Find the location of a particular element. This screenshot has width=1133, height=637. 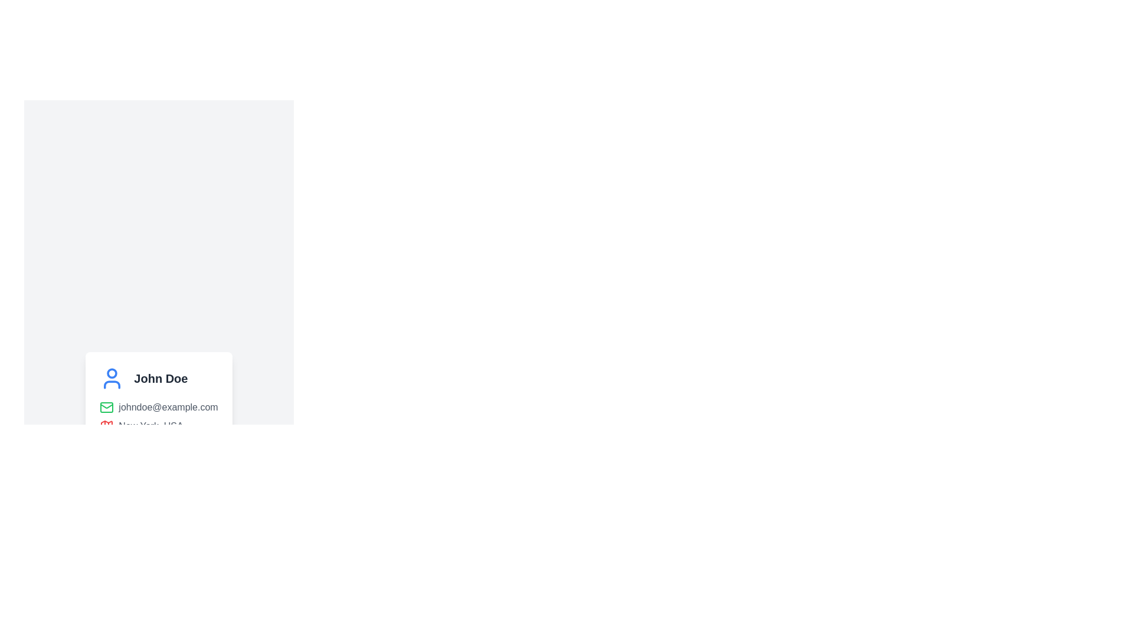

the text label displaying 'John Doe', which is styled in bold and positioned to the right of a user profile icon within a card layout is located at coordinates (158, 378).